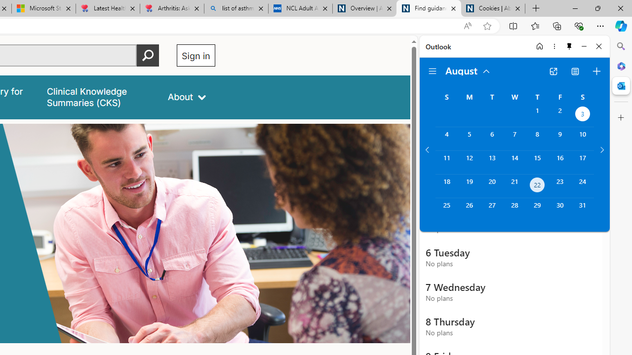  Describe the element at coordinates (583, 186) in the screenshot. I see `'Saturday, August 24, 2024. '` at that location.